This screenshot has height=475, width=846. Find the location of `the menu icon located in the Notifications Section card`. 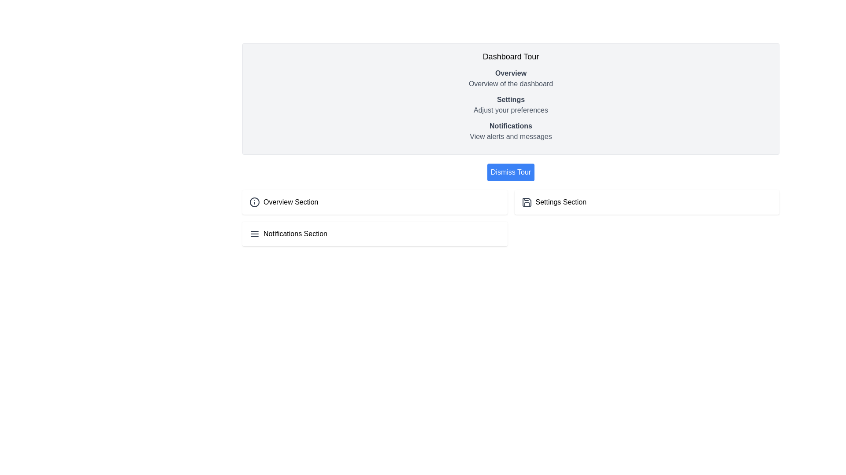

the menu icon located in the Notifications Section card is located at coordinates (254, 234).